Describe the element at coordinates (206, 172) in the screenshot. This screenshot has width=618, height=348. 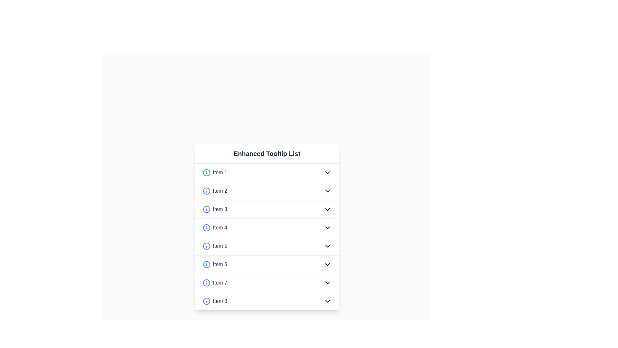
I see `the circular information icon with a blue border located to the left of the text label 'Item 1' in the first row of a vertical list` at that location.